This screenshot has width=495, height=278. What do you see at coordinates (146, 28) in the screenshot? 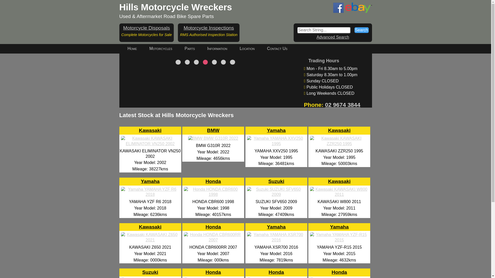
I see `'Motorcycle Disposals'` at bounding box center [146, 28].